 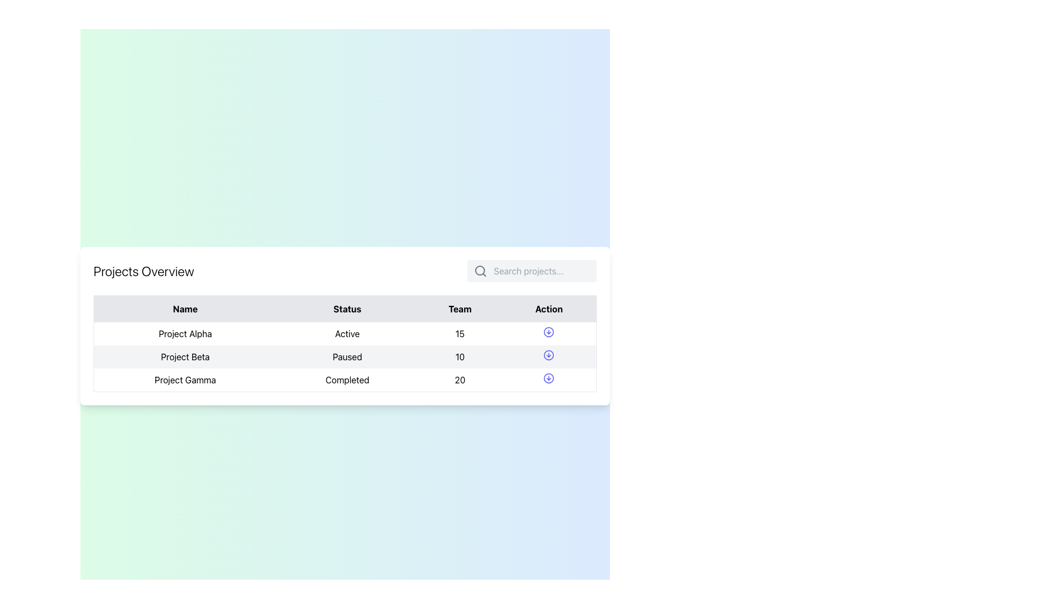 What do you see at coordinates (185, 333) in the screenshot?
I see `text from the 'Project Alpha' label in the first column of the table, which identifies the project name` at bounding box center [185, 333].